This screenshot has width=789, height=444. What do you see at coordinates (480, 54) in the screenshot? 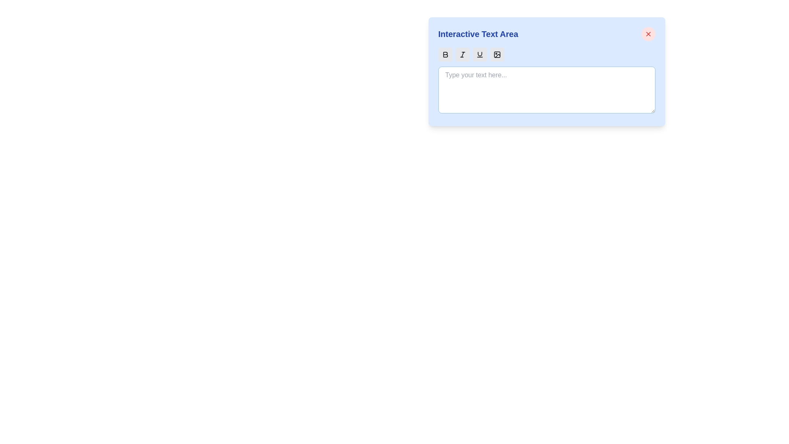
I see `the underline icon located second from the left in the top toolbar of the blue box titled 'Interactive Text Area'` at bounding box center [480, 54].